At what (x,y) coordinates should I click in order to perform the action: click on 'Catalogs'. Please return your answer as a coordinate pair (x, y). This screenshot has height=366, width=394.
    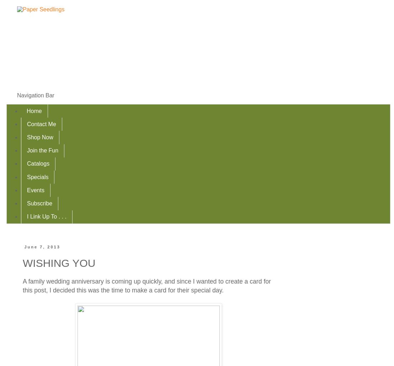
    Looking at the image, I should click on (38, 163).